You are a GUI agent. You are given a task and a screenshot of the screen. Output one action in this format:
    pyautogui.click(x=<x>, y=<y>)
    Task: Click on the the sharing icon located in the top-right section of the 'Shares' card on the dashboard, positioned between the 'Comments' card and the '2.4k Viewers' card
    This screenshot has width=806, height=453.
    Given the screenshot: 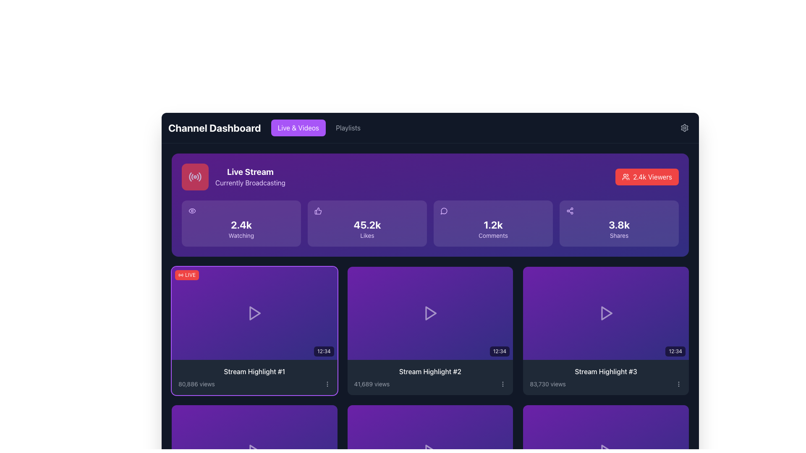 What is the action you would take?
    pyautogui.click(x=570, y=210)
    